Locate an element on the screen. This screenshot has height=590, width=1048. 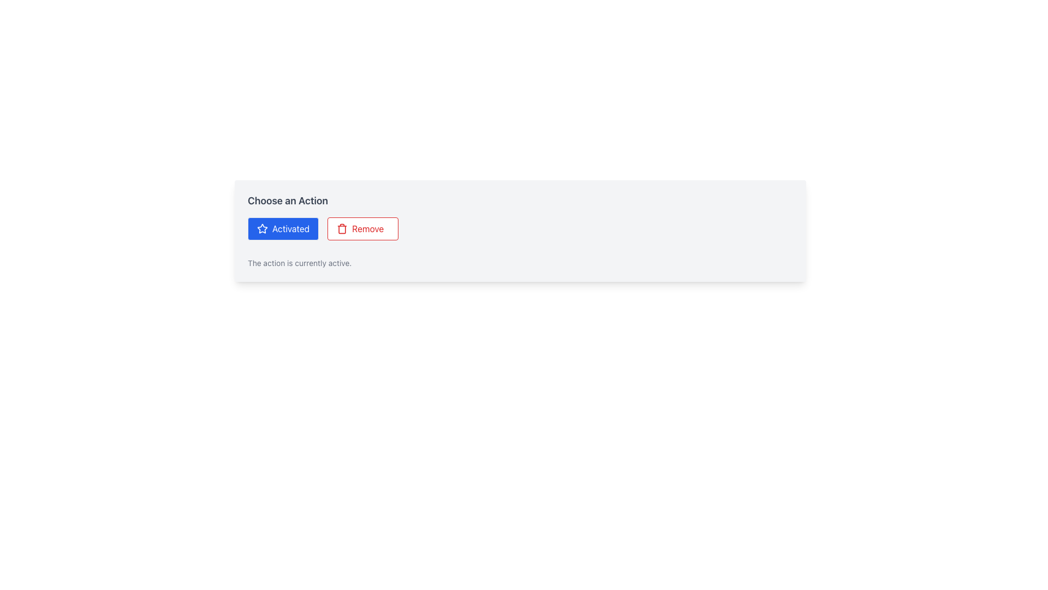
the 'Activated' button, which is the leftmost button in the group under the label 'Choose an Action', to observe interaction feedback is located at coordinates (283, 228).